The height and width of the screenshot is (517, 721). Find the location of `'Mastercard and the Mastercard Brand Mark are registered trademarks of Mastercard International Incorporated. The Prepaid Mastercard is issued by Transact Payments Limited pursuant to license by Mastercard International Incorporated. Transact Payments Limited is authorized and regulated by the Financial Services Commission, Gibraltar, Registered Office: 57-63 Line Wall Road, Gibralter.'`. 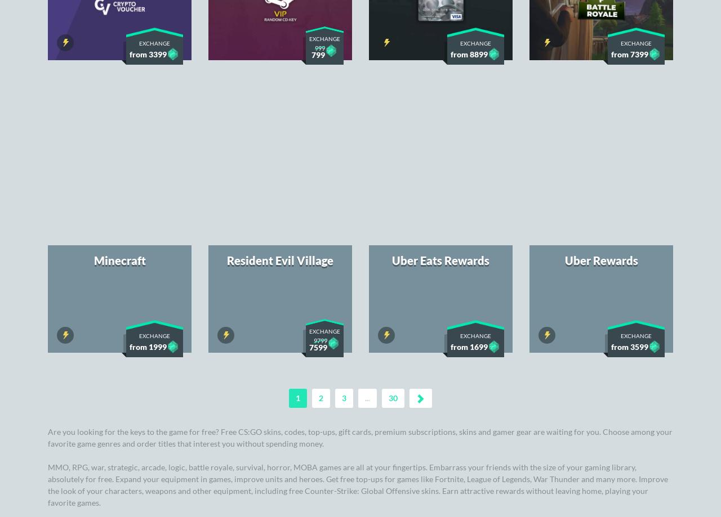

'Mastercard and the Mastercard Brand Mark are registered trademarks of Mastercard International Incorporated. The Prepaid Mastercard is issued by Transact Payments Limited pursuant to license by Mastercard International Incorporated. Transact Payments Limited is authorized and regulated by the Financial Services Commission, Gibraltar, Registered Office: 57-63 Line Wall Road, Gibralter.' is located at coordinates (359, 455).